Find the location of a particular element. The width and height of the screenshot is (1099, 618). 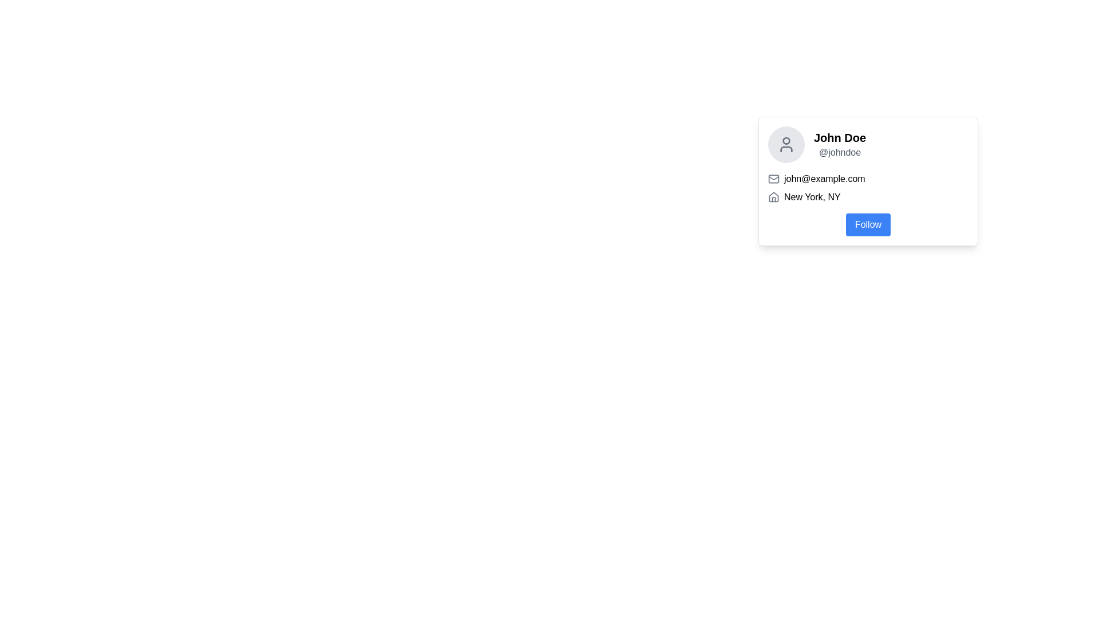

the main rectangular body of the envelope icon located to the left of the text 'john@example.com' in the user profile card for interactions is located at coordinates (774, 179).